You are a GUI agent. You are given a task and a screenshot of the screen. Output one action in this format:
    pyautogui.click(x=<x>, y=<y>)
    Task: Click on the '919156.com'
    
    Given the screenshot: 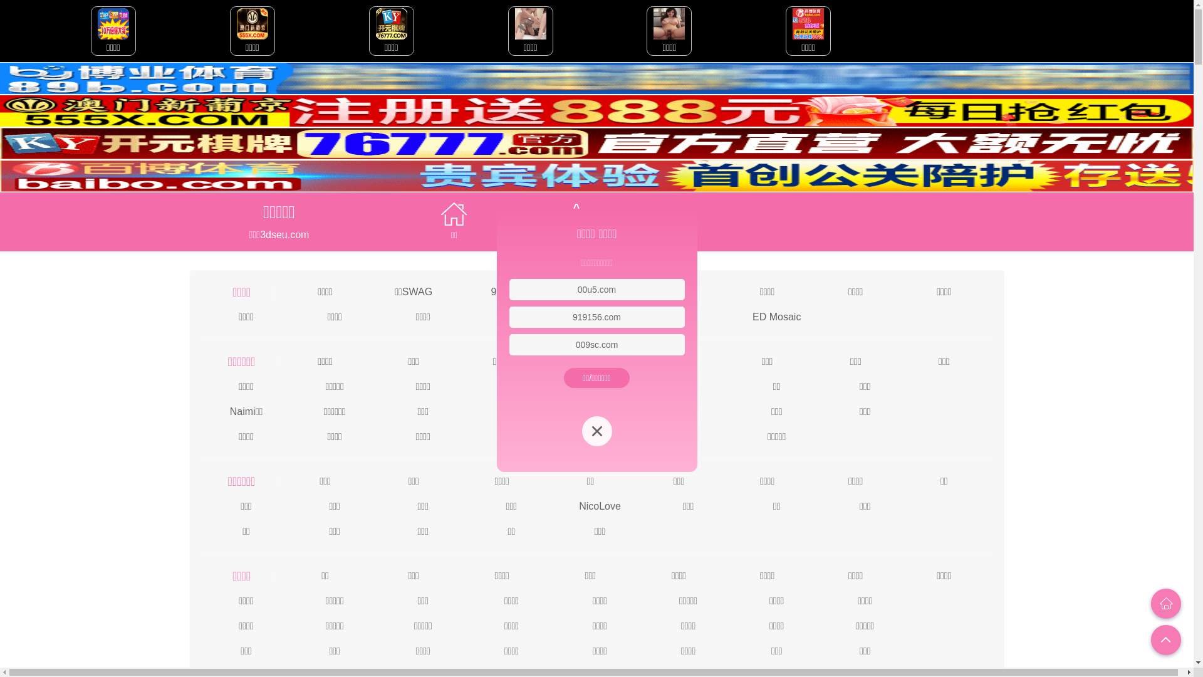 What is the action you would take?
    pyautogui.click(x=596, y=316)
    